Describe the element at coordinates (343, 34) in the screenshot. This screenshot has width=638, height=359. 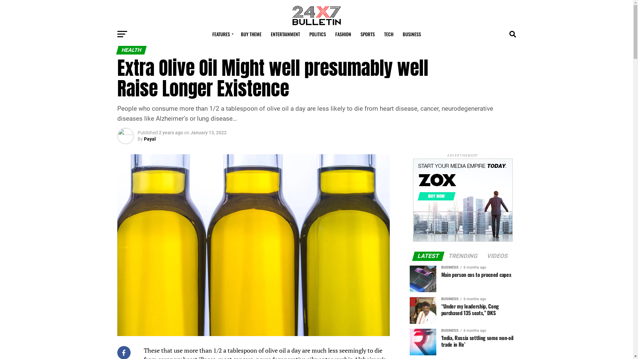
I see `'FASHION'` at that location.